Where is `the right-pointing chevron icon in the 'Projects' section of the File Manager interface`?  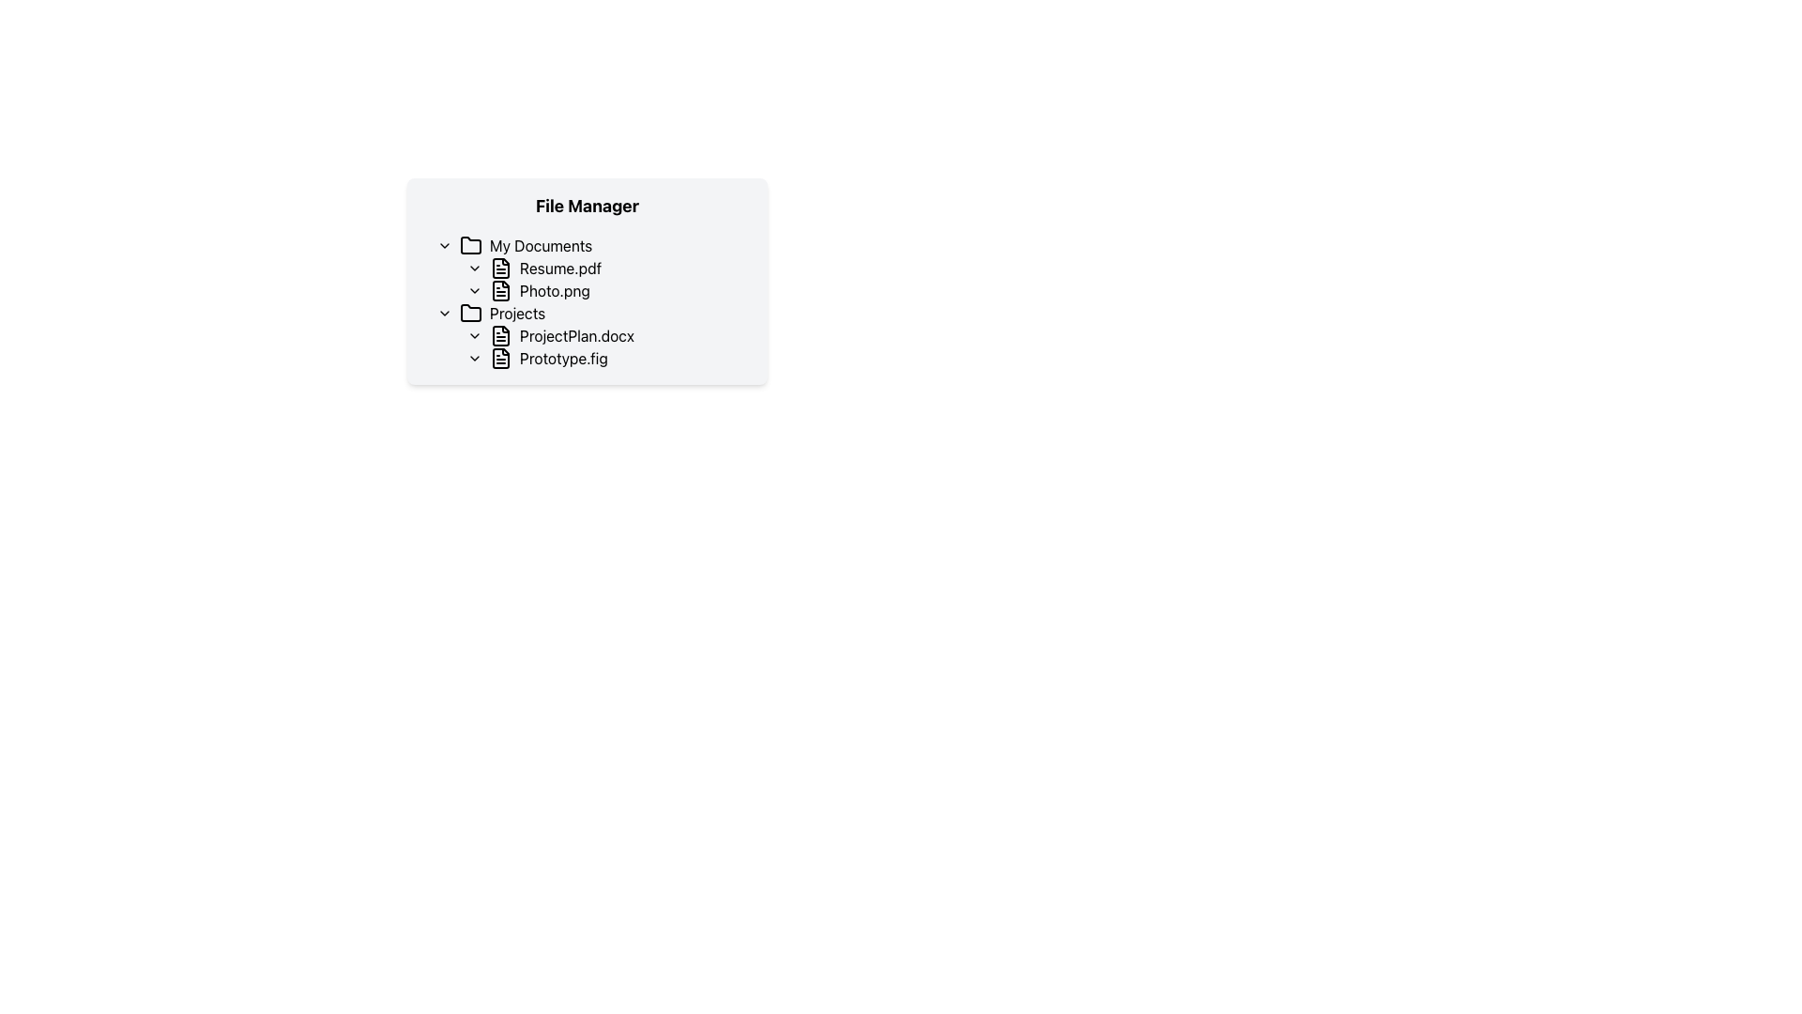
the right-pointing chevron icon in the 'Projects' section of the File Manager interface is located at coordinates (474, 335).